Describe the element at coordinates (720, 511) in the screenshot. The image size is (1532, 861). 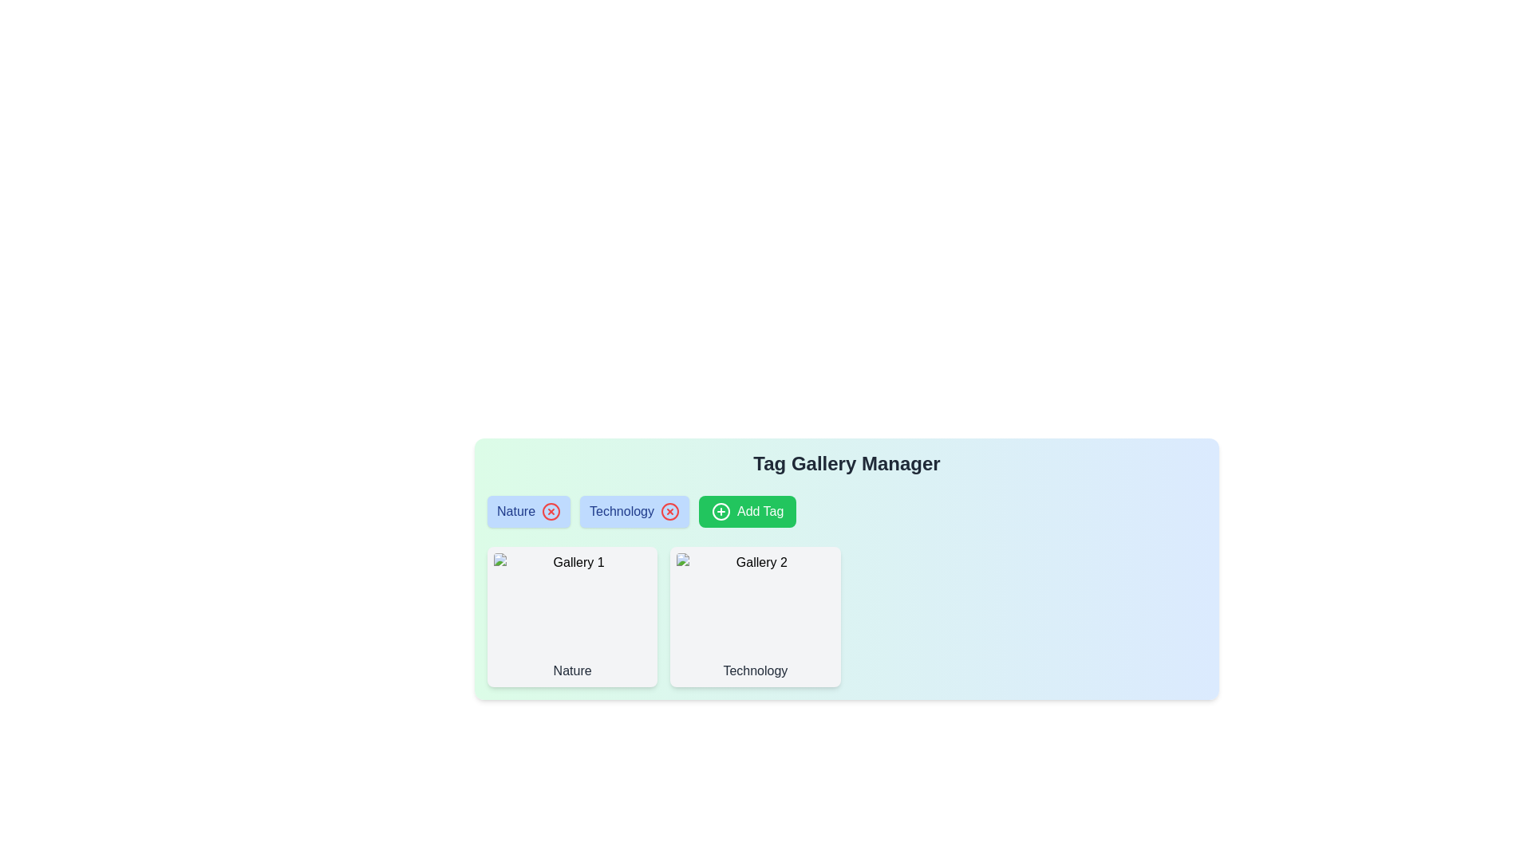
I see `the icon within the 'Add Tag' button, which is located at the top section of the interface, to the right of the 'Technology' tag button` at that location.